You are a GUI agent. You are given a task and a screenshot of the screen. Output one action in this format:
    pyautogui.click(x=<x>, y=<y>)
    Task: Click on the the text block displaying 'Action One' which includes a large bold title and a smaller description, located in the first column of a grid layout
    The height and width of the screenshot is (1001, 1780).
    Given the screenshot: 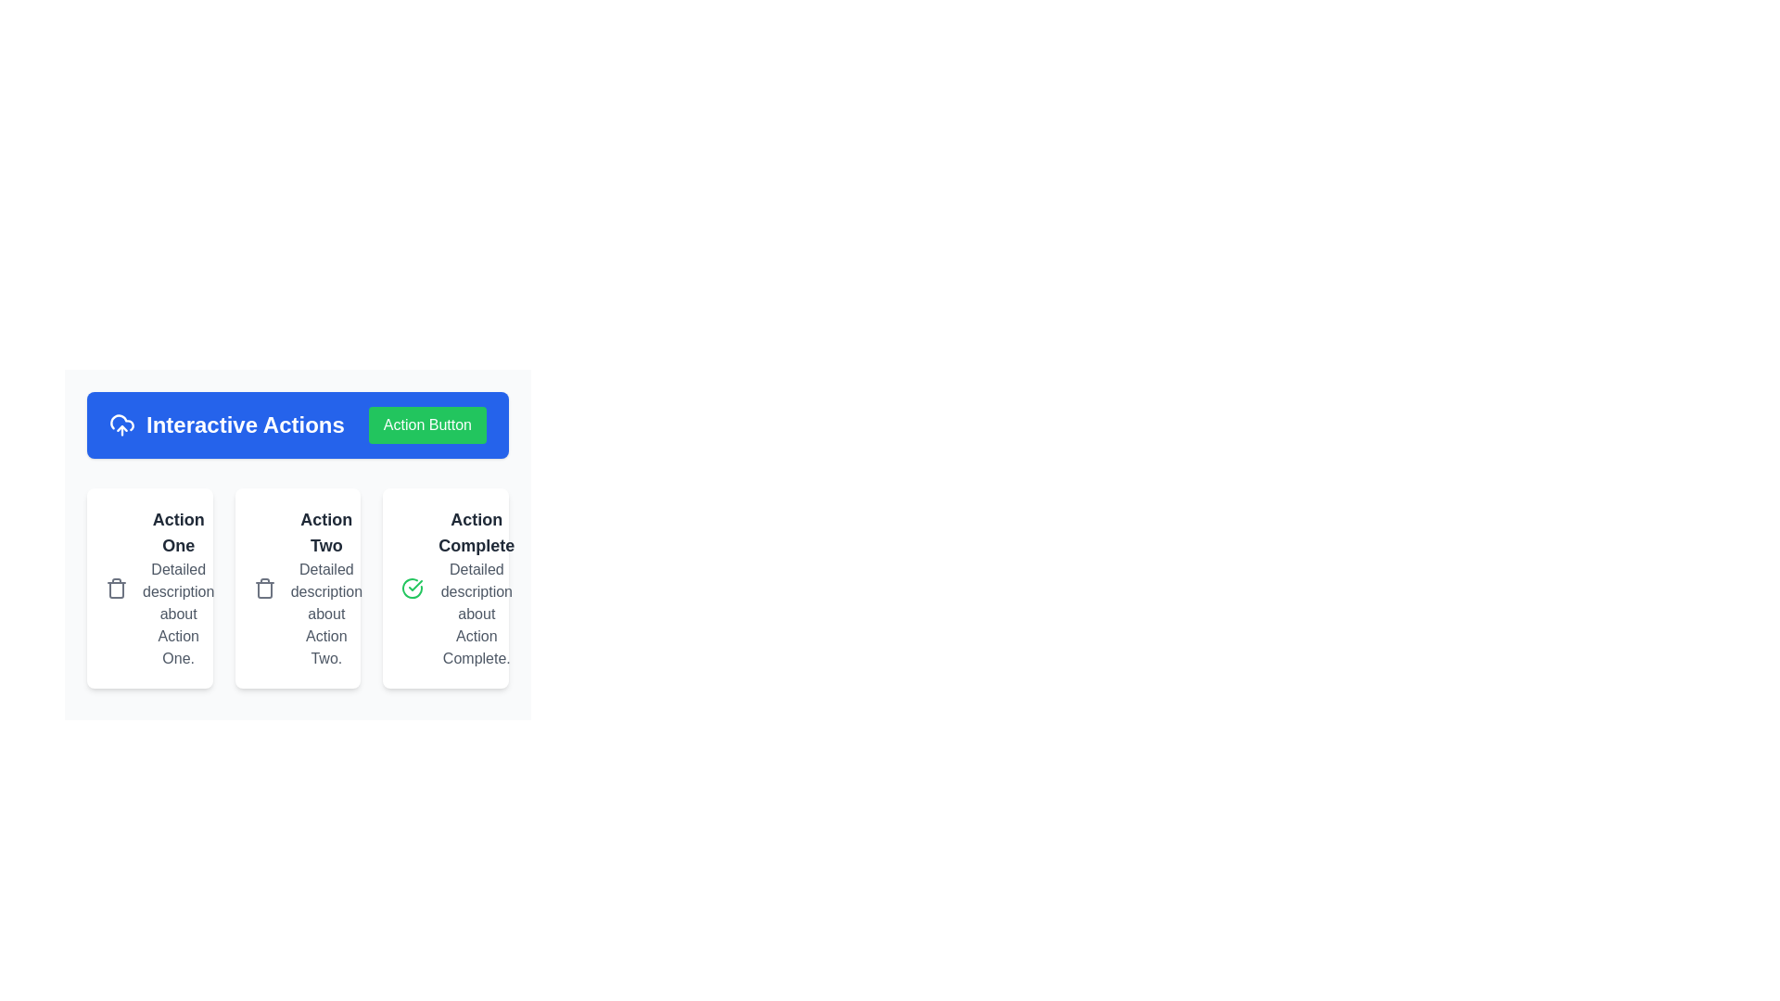 What is the action you would take?
    pyautogui.click(x=178, y=589)
    